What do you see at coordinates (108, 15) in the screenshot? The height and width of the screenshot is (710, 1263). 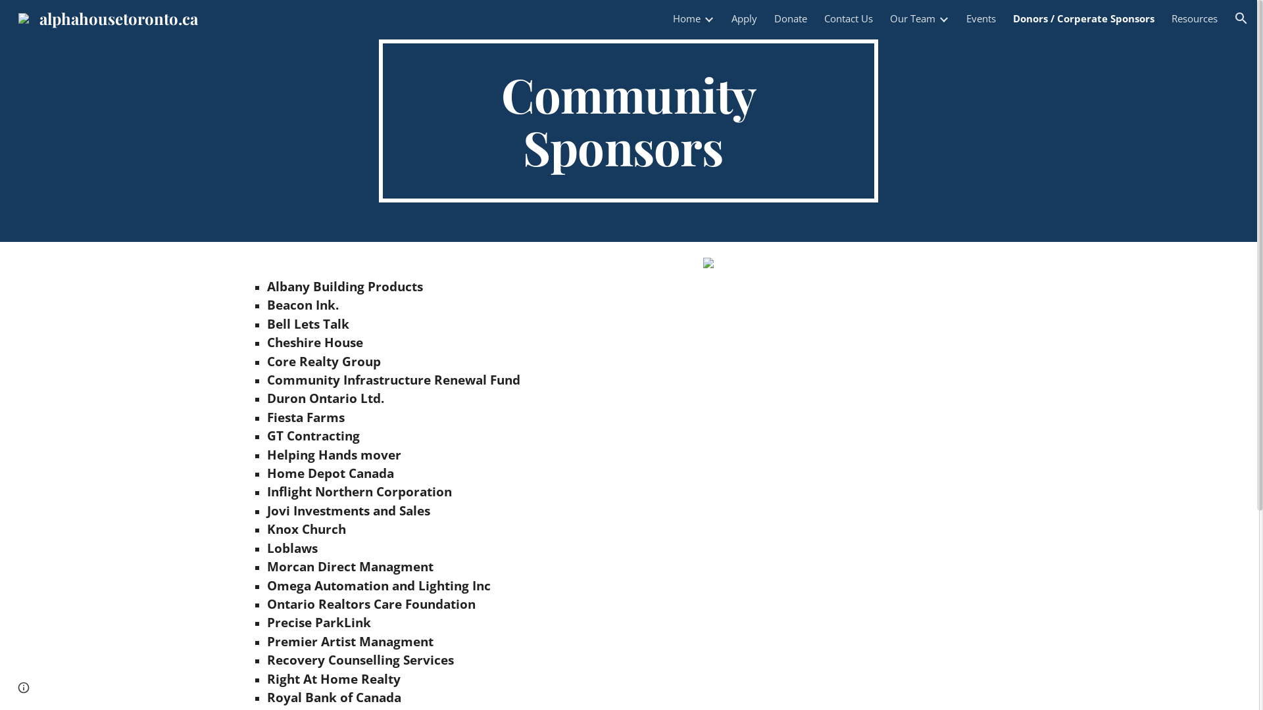 I see `'alphahousetoronto.ca'` at bounding box center [108, 15].